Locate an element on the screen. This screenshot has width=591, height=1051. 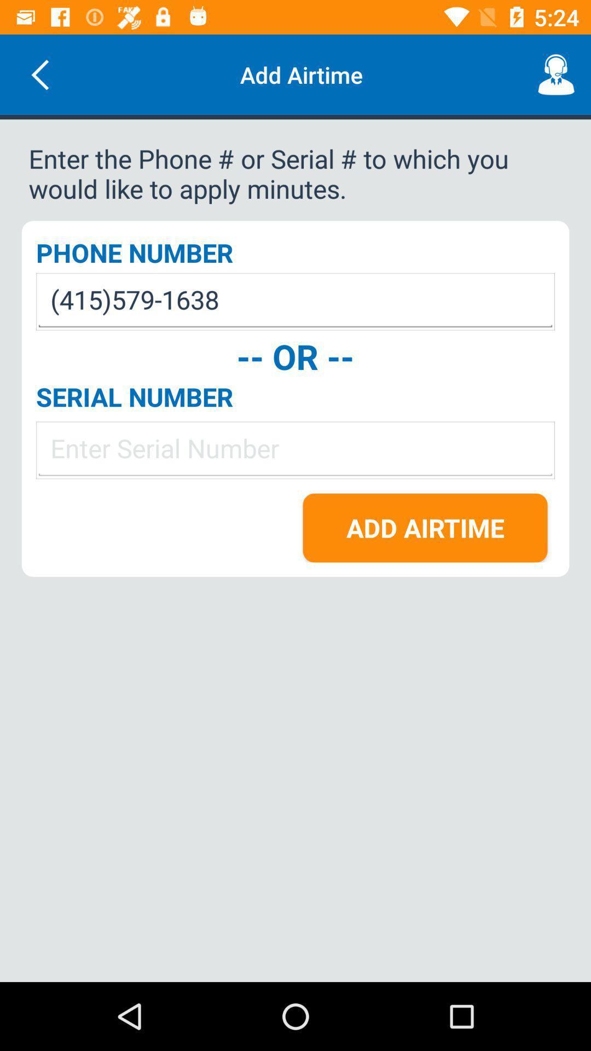
(415)579-1638 is located at coordinates (296, 302).